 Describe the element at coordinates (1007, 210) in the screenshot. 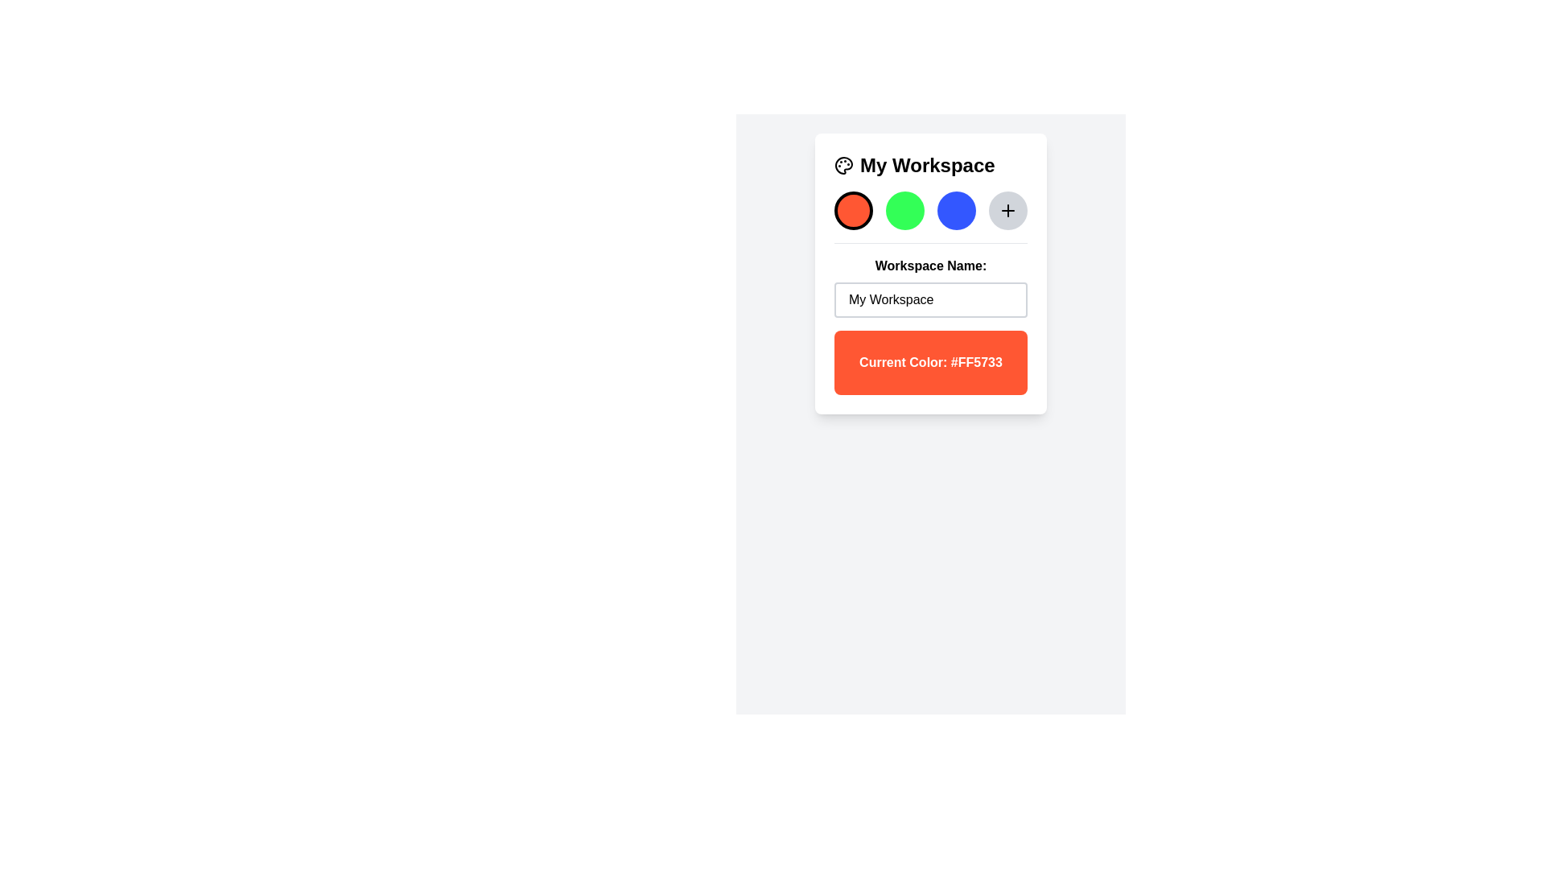

I see `the fourth button in a horizontal arrangement of four circles` at that location.